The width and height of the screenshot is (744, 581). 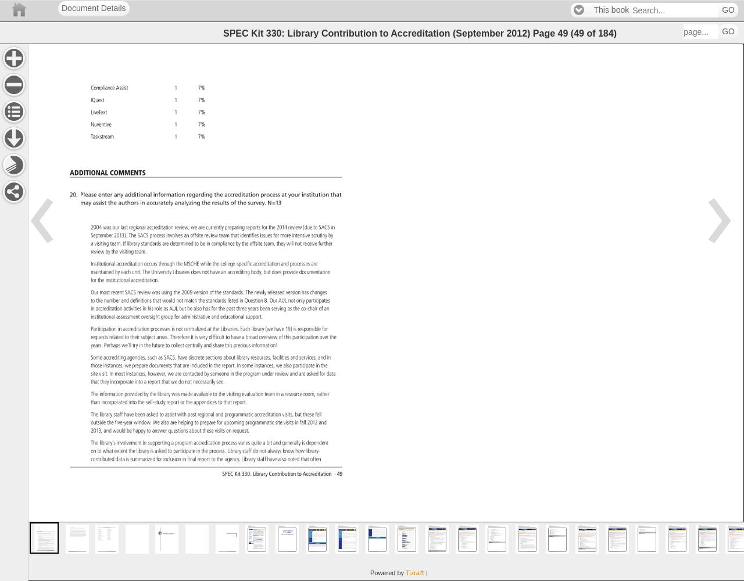 What do you see at coordinates (426, 572) in the screenshot?
I see `'|'` at bounding box center [426, 572].